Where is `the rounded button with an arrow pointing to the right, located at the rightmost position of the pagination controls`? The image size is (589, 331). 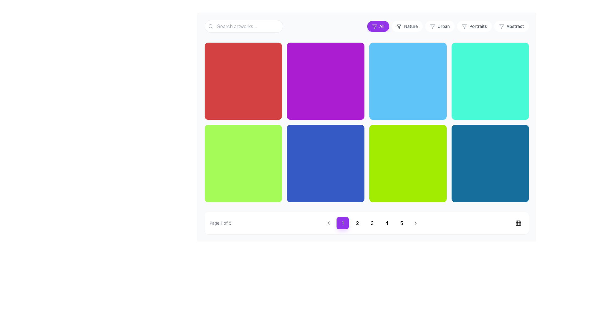 the rounded button with an arrow pointing to the right, located at the rightmost position of the pagination controls is located at coordinates (416, 223).